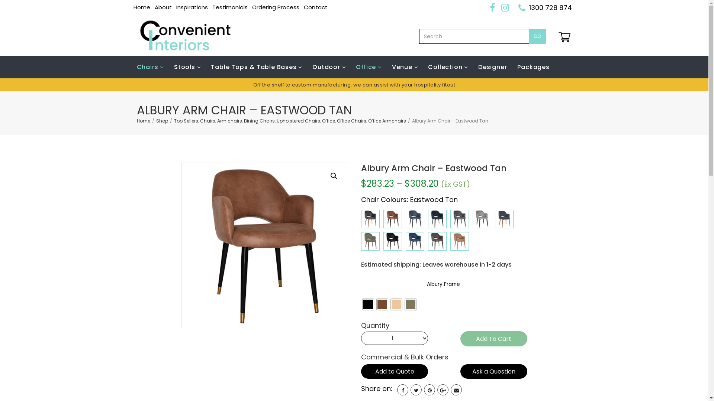 The image size is (714, 401). I want to click on 'Submit', so click(330, 302).